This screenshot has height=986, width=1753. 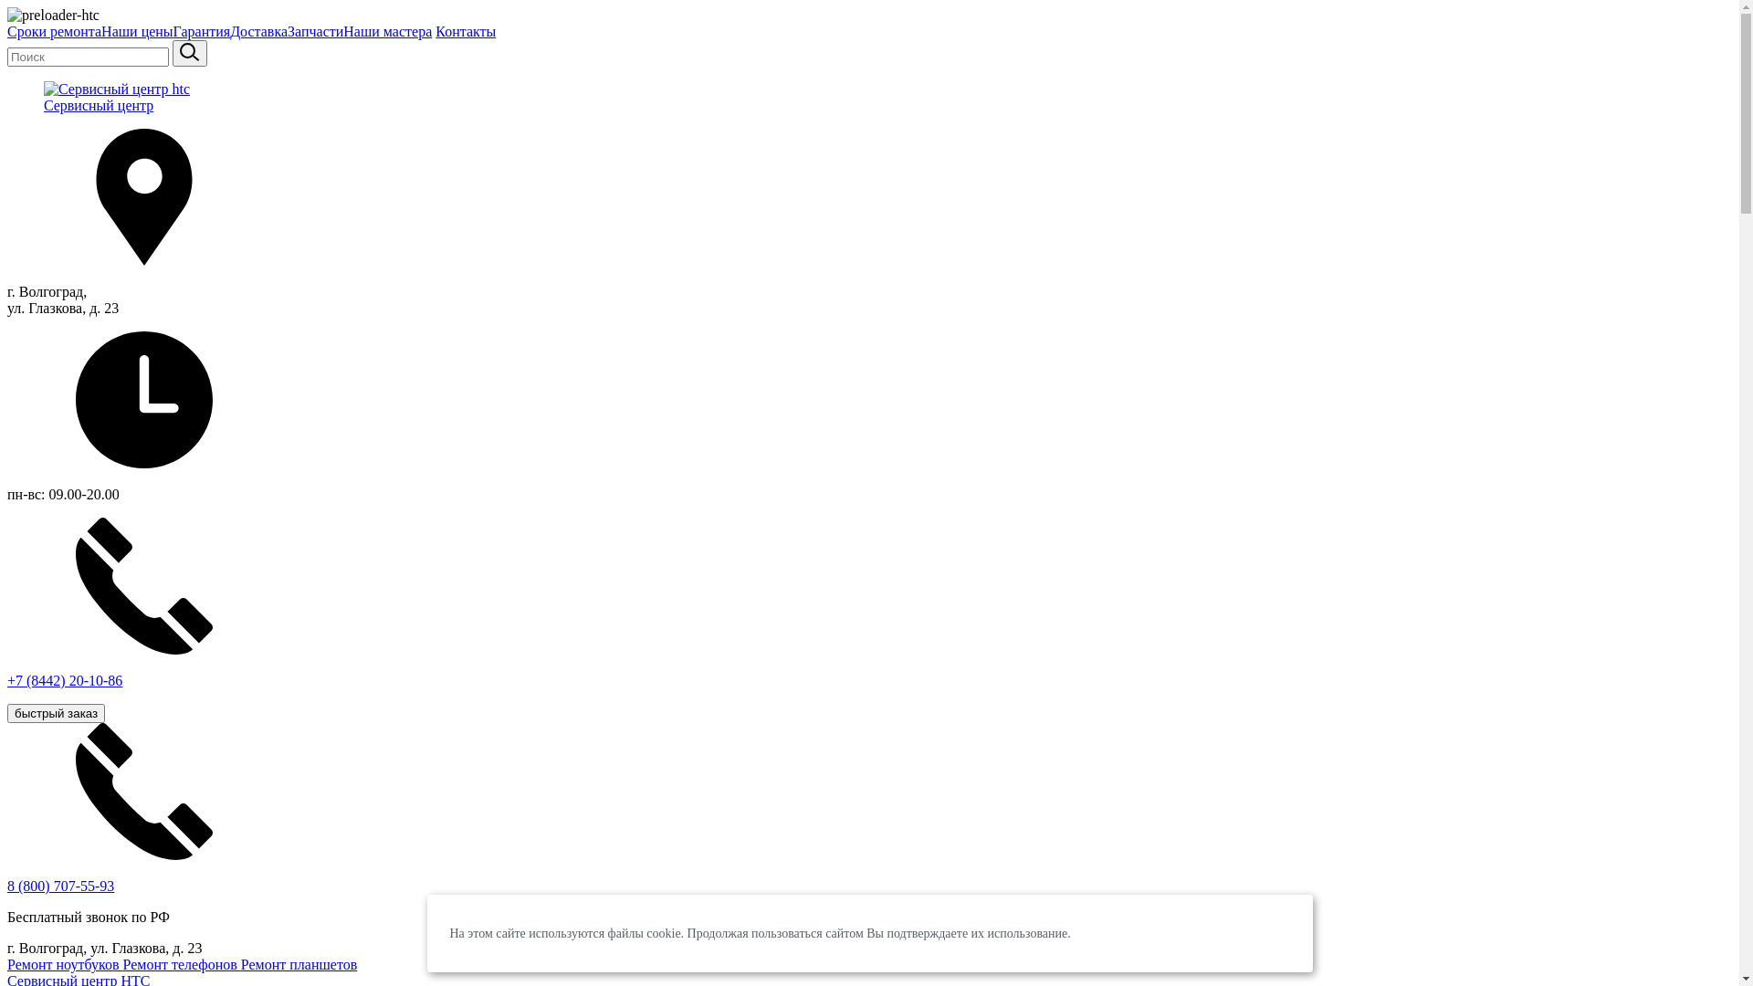 What do you see at coordinates (189, 52) in the screenshot?
I see `'sisea.search'` at bounding box center [189, 52].